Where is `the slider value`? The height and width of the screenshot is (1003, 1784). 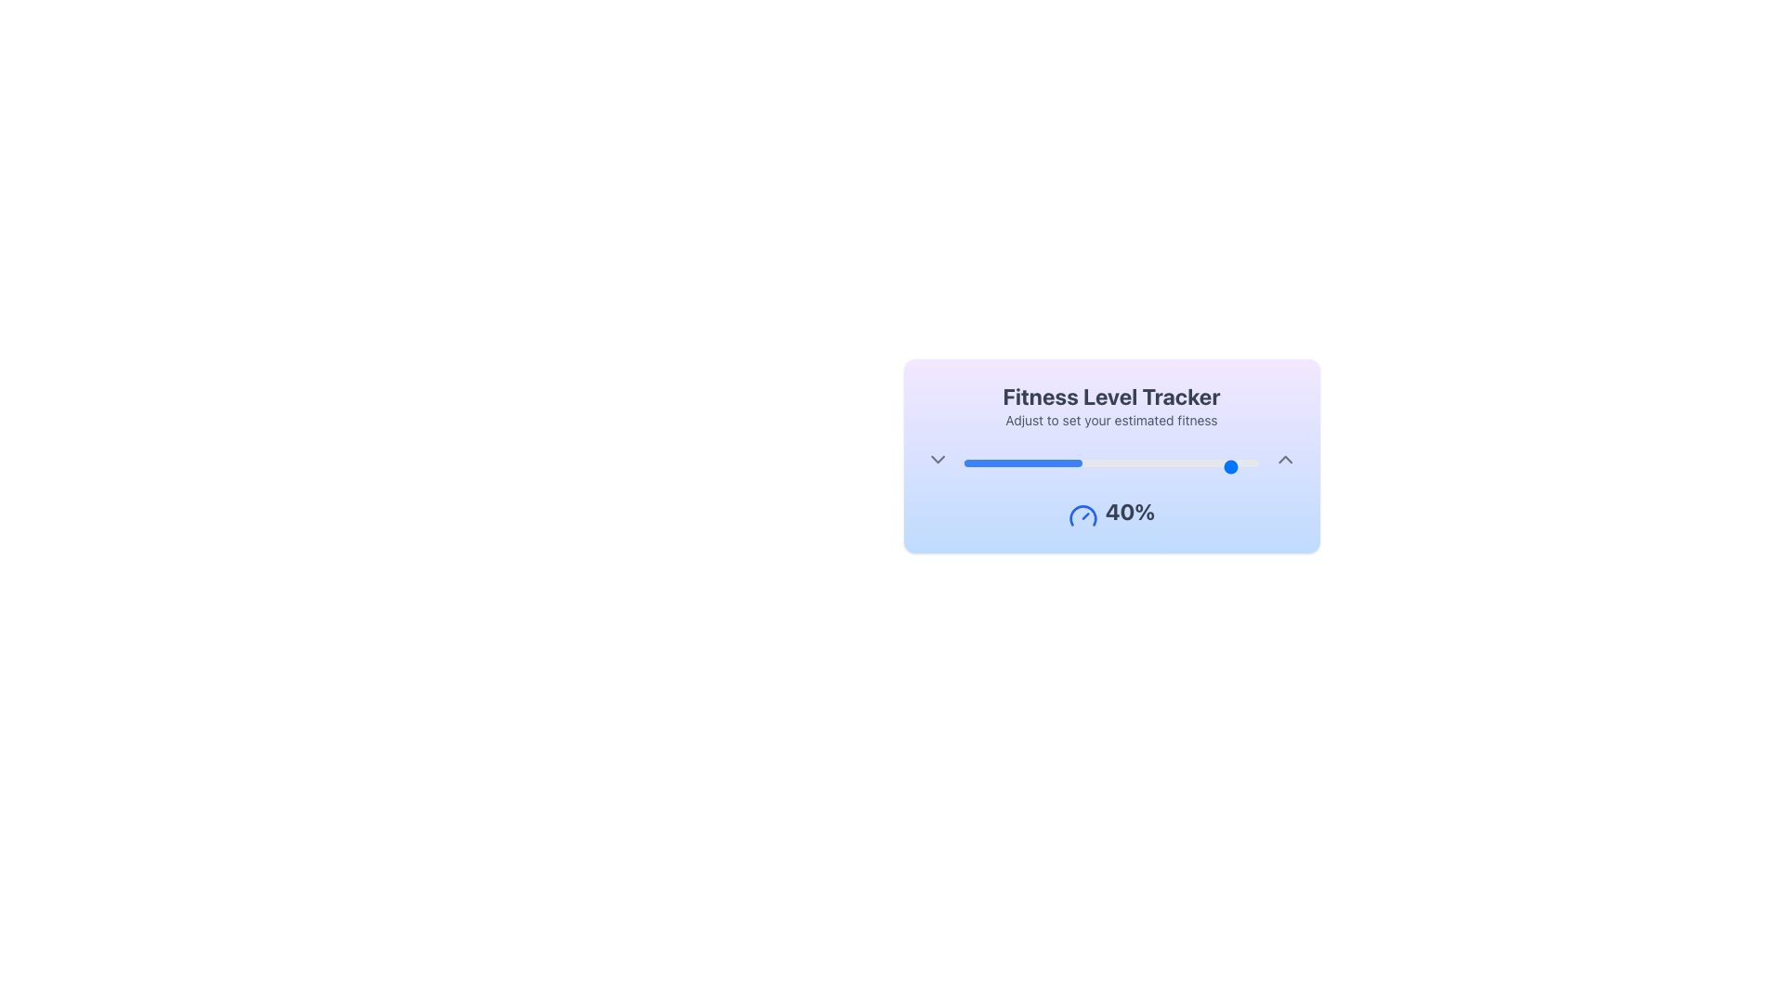 the slider value is located at coordinates (1148, 459).